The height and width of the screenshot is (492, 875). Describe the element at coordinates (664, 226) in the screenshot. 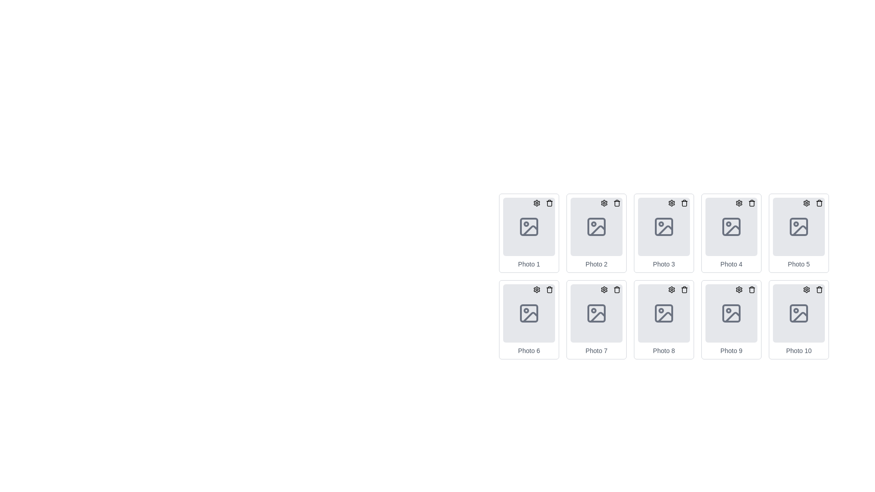

I see `the image placeholder located in the card labeled 'Photo 3'` at that location.